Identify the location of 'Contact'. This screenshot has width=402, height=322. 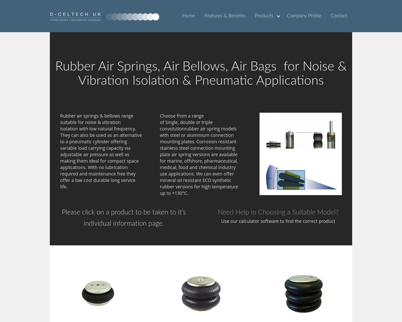
(331, 16).